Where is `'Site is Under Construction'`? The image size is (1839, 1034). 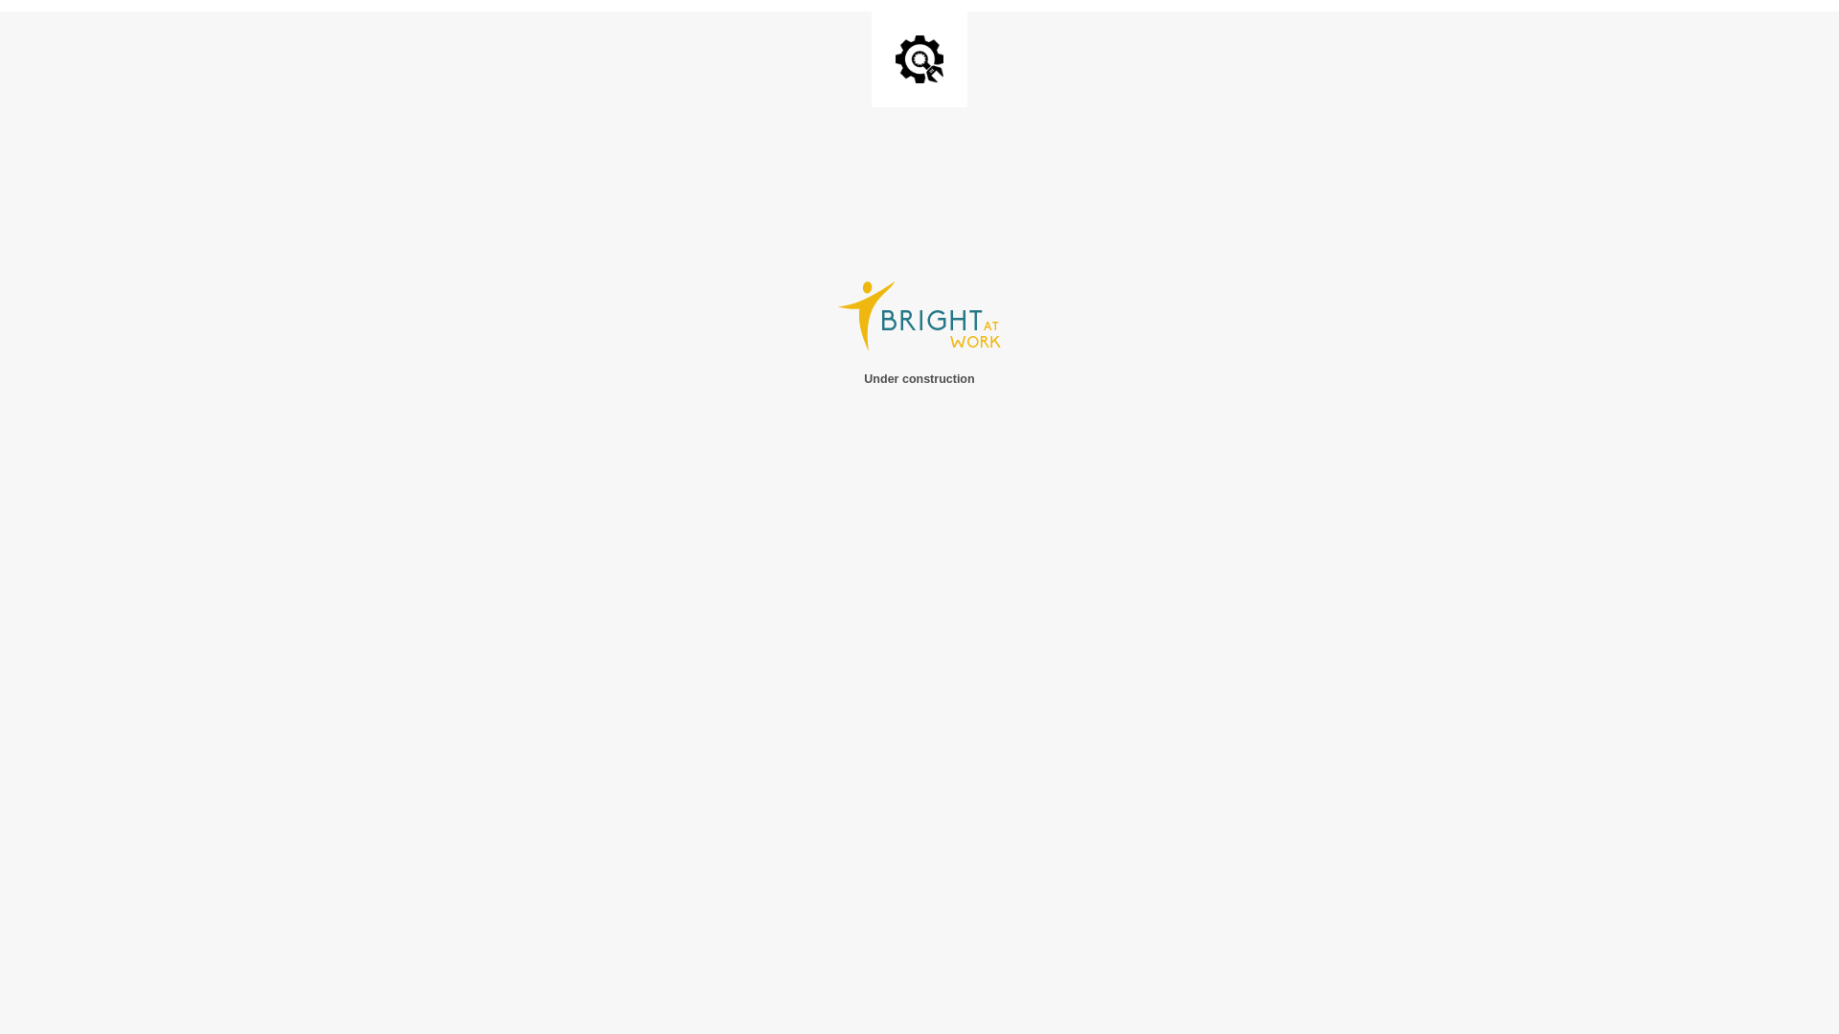
'Site is Under Construction' is located at coordinates (895, 57).